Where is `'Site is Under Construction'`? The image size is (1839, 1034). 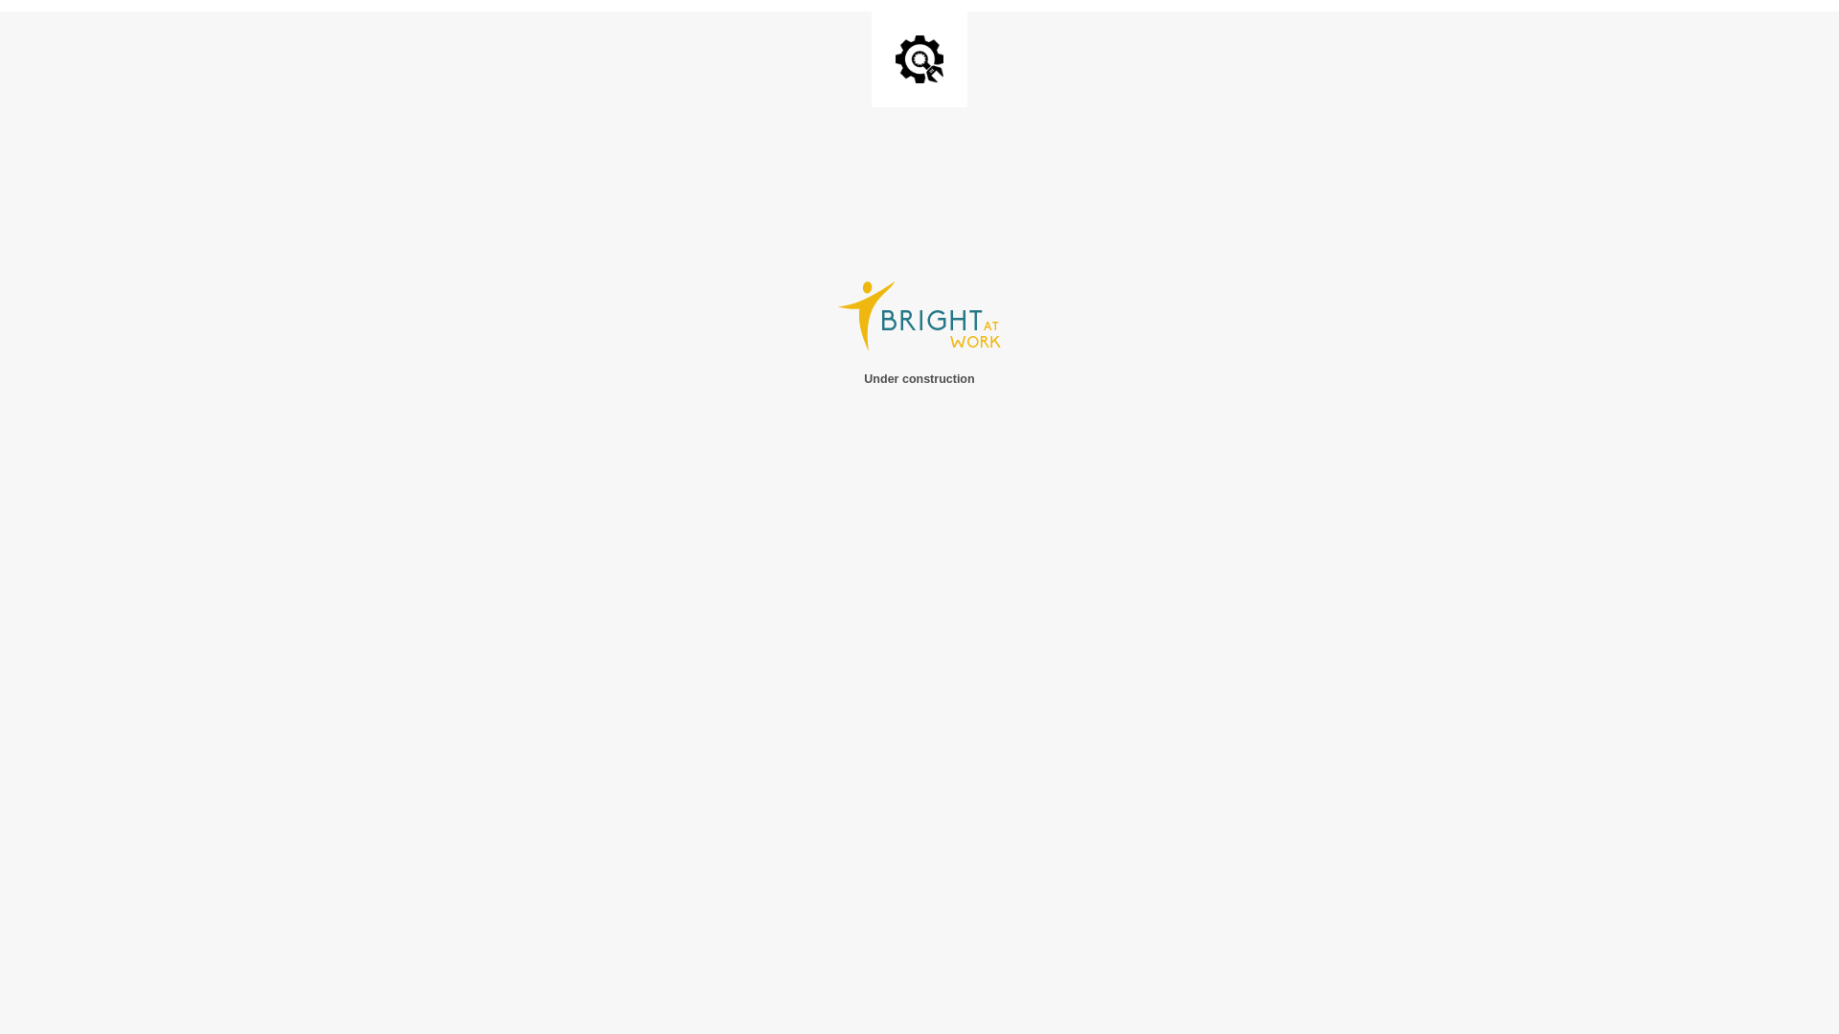
'Site is Under Construction' is located at coordinates (895, 57).